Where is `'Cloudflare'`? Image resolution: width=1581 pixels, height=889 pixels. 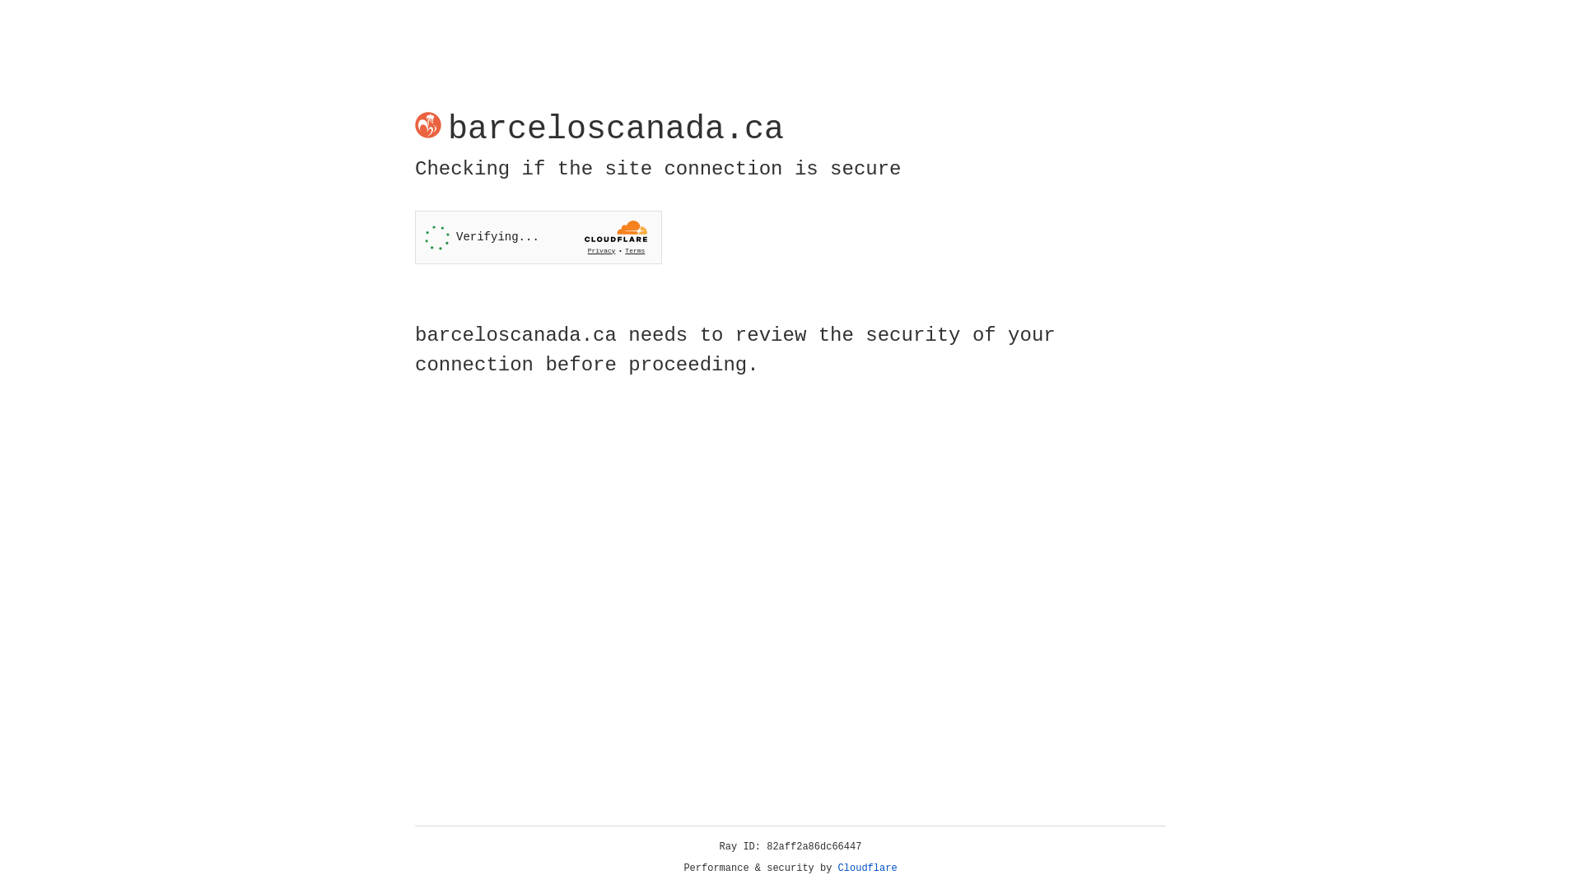 'Cloudflare' is located at coordinates (837, 868).